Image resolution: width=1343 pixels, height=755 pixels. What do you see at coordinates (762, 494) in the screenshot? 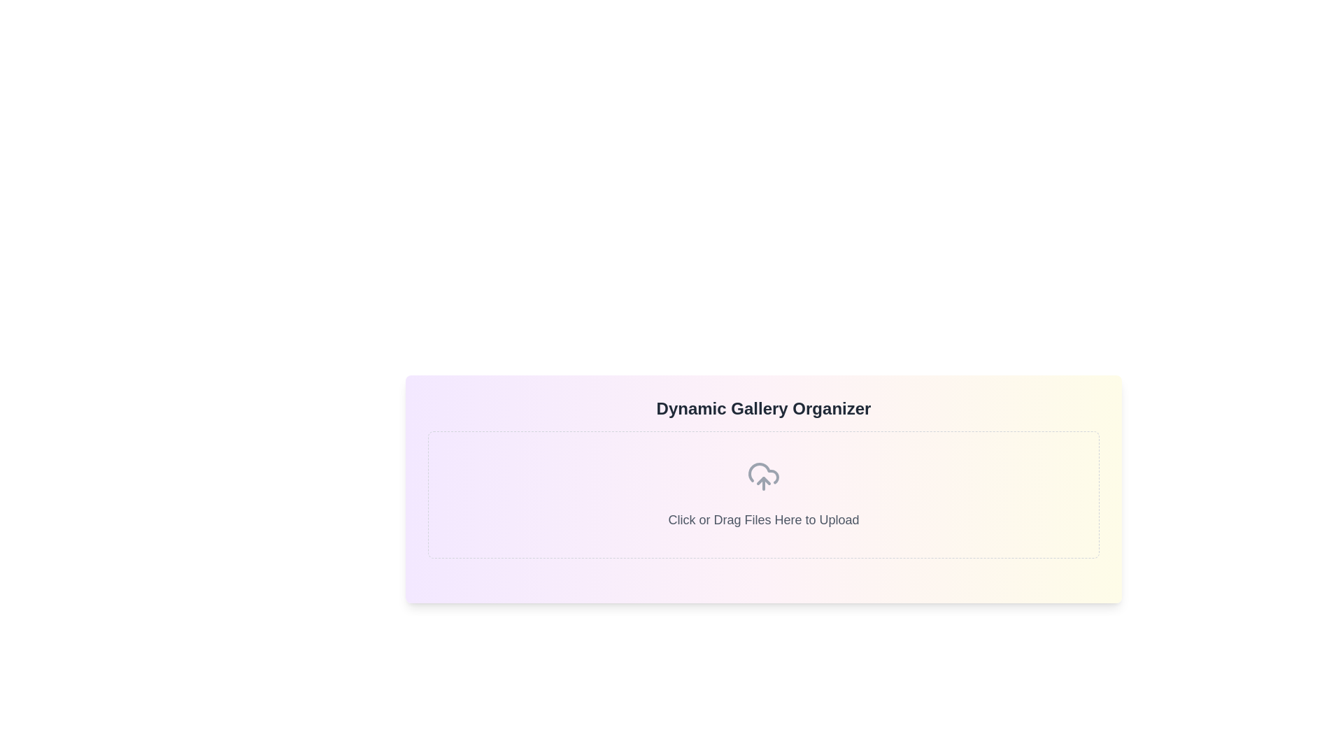
I see `the interactive file upload area with dashed gray borders and the text 'Click or Drag Files Here to Upload'` at bounding box center [762, 494].